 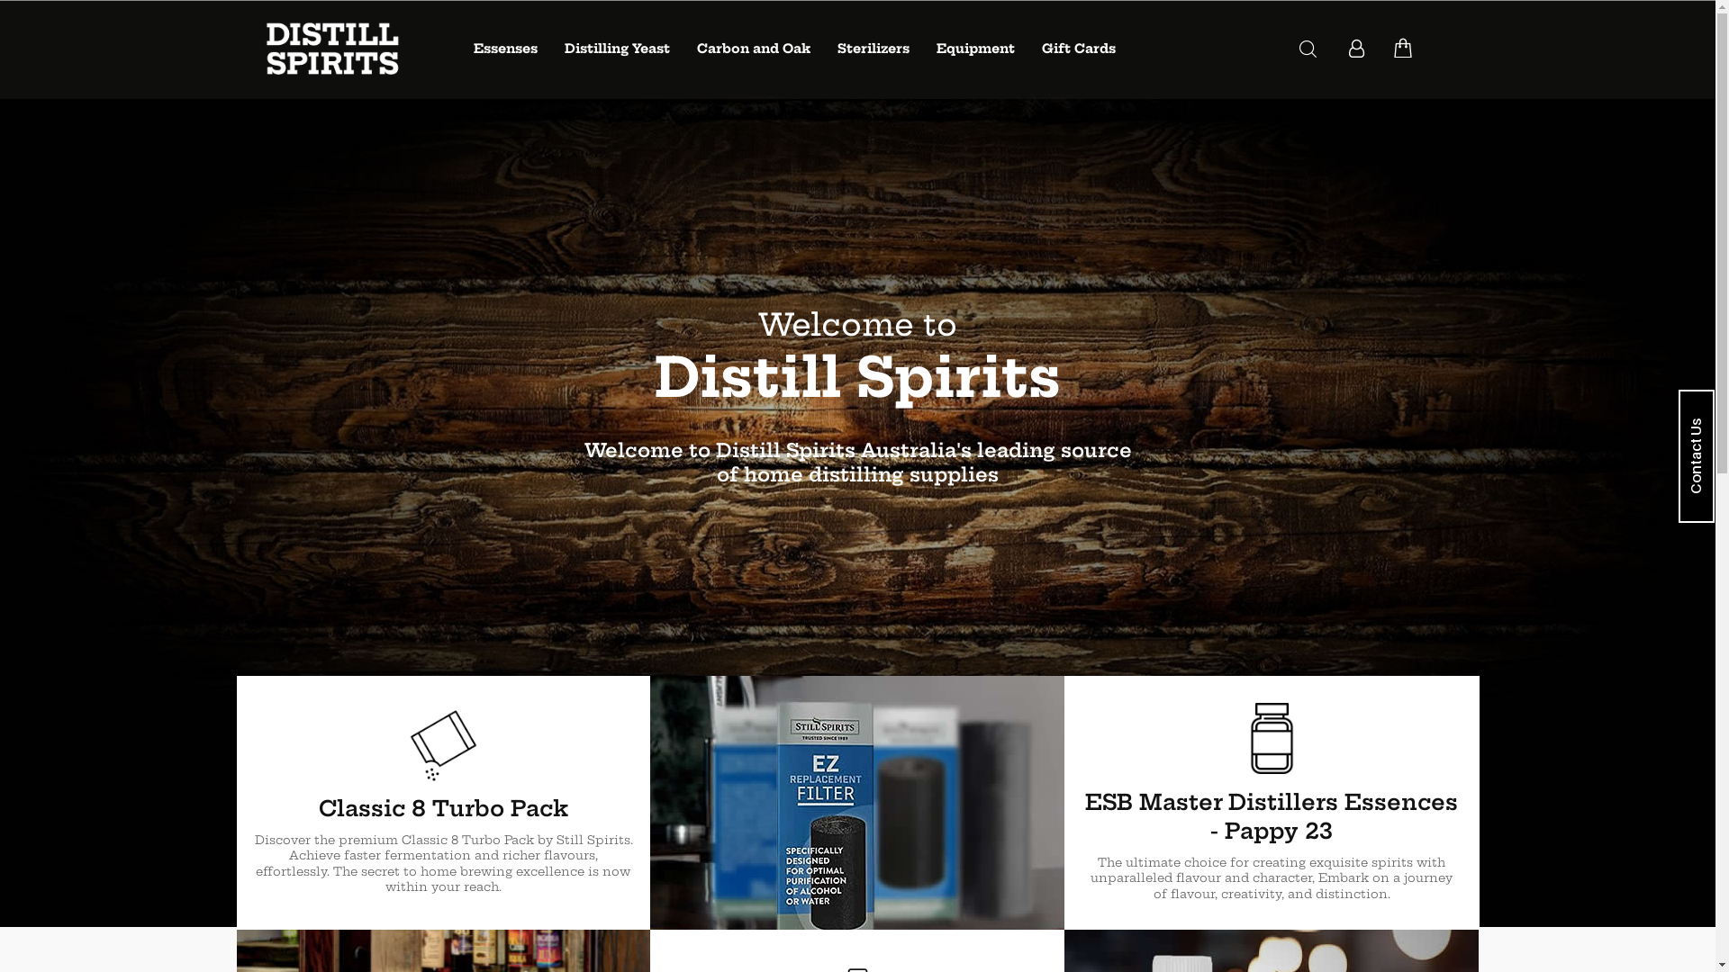 I want to click on 'SEARCH', so click(x=1308, y=48).